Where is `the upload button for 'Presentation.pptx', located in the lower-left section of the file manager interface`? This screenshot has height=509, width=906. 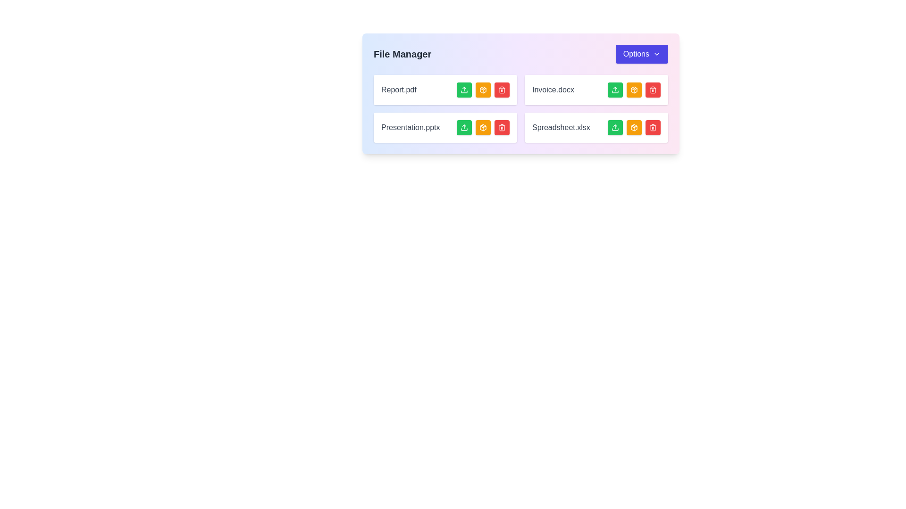 the upload button for 'Presentation.pptx', located in the lower-left section of the file manager interface is located at coordinates (464, 90).